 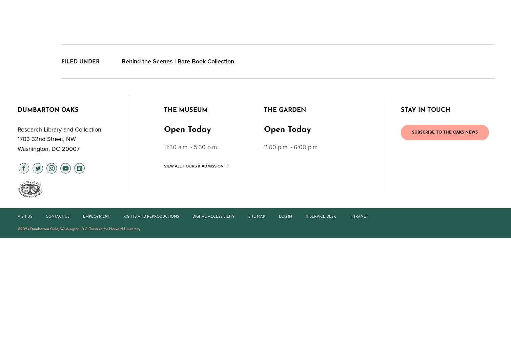 What do you see at coordinates (248, 216) in the screenshot?
I see `'Site Map'` at bounding box center [248, 216].